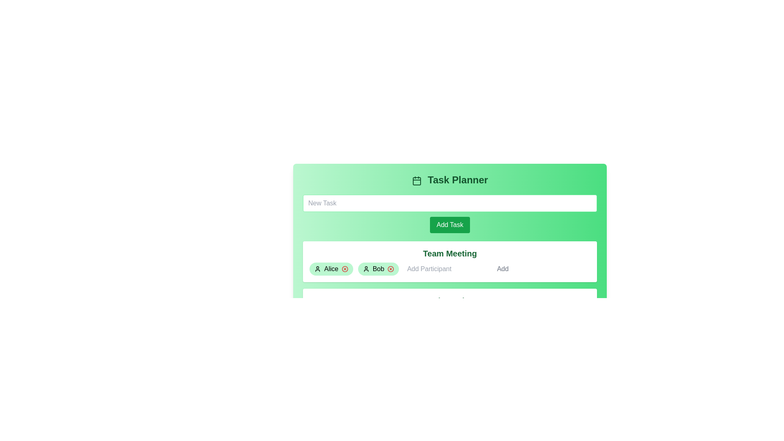  Describe the element at coordinates (345, 269) in the screenshot. I see `the removal icon next to the user 'Alice' in the participant list of the 'Team Meeting' section` at that location.